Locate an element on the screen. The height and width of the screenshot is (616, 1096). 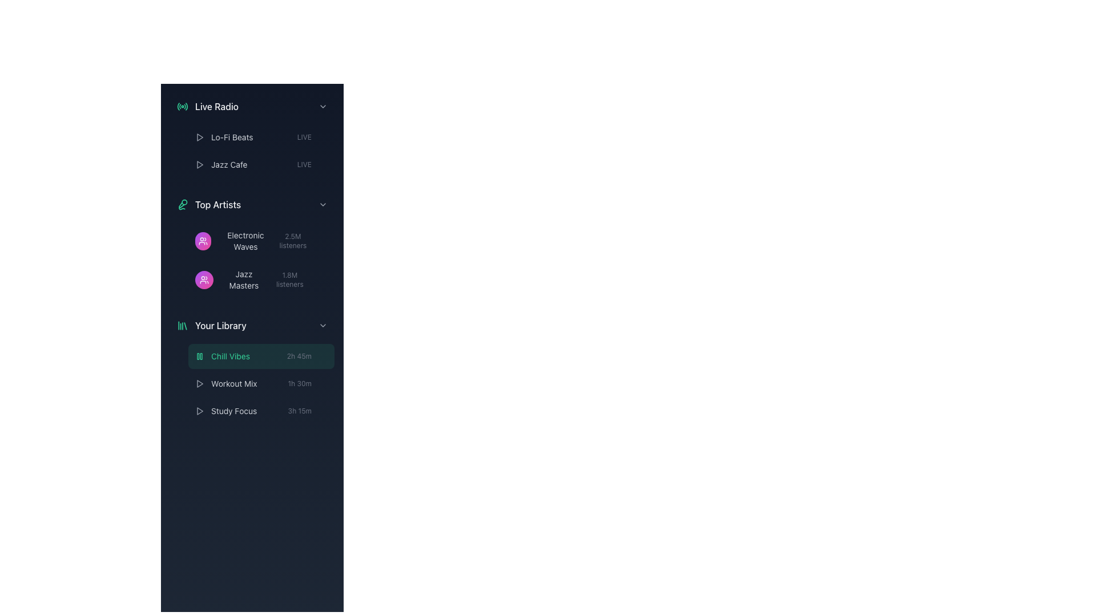
the 'Live Radio' static text label, which indicates the section for live broadcasting features located in the top-left portion of the interface is located at coordinates (216, 106).